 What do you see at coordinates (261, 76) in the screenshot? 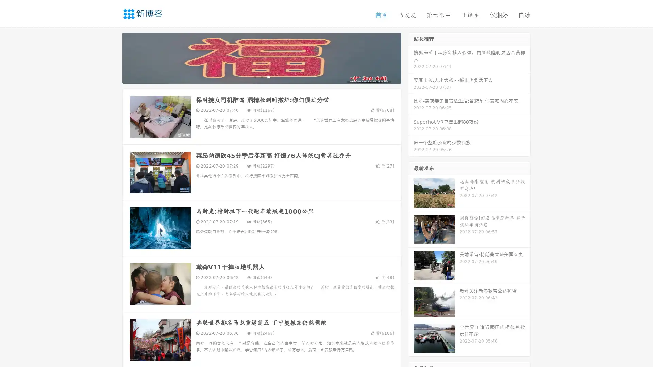
I see `Go to slide 2` at bounding box center [261, 76].